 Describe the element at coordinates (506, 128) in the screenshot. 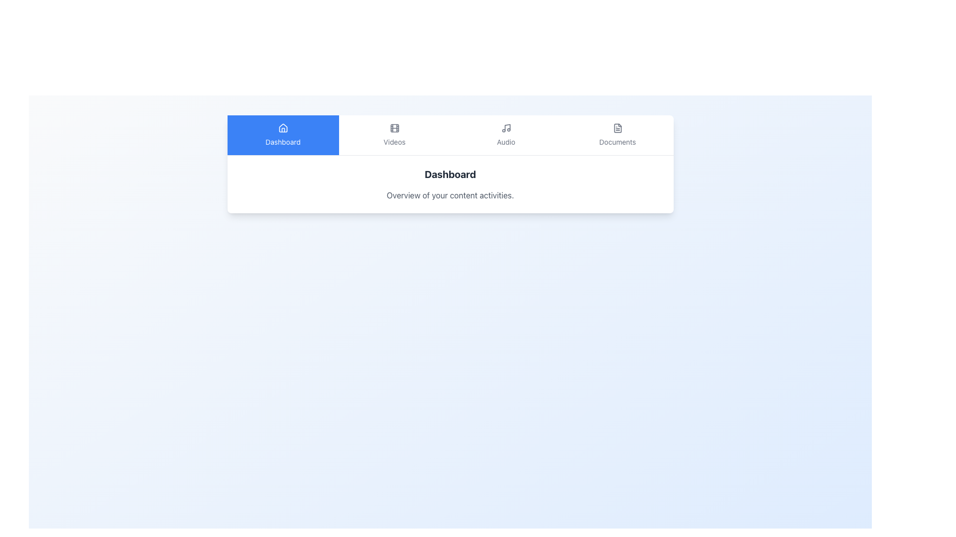

I see `the 'Audio' icon in the navigation menu` at that location.